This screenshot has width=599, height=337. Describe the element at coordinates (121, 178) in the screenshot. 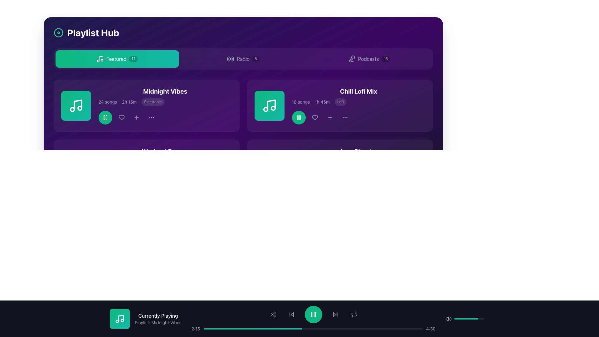

I see `the heart-shaped button located in the lower section of the interface` at that location.